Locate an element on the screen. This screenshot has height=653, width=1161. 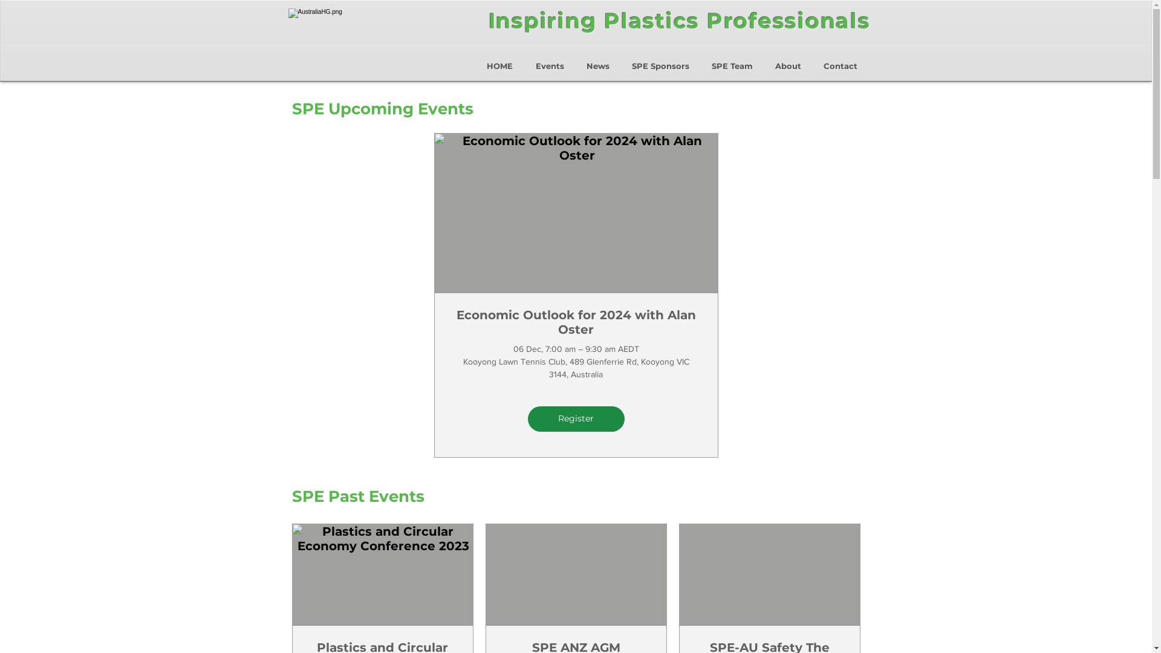
'About' is located at coordinates (789, 60).